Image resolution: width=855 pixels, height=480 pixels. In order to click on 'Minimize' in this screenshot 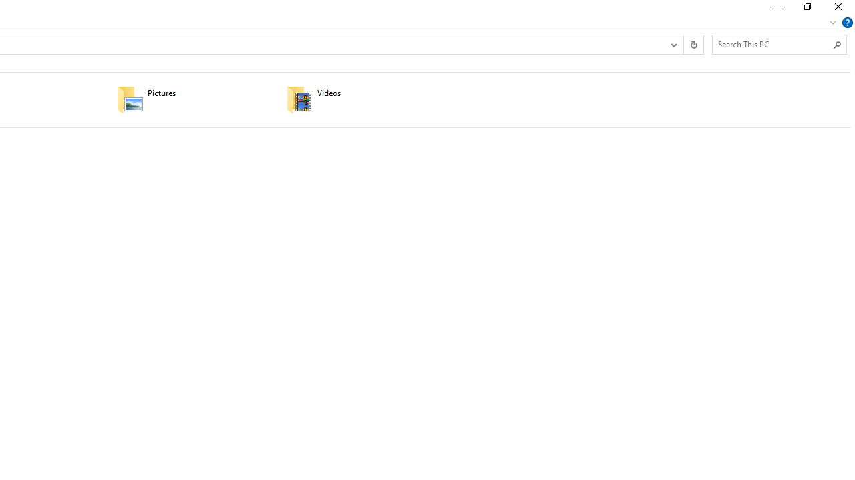, I will do `click(776, 10)`.